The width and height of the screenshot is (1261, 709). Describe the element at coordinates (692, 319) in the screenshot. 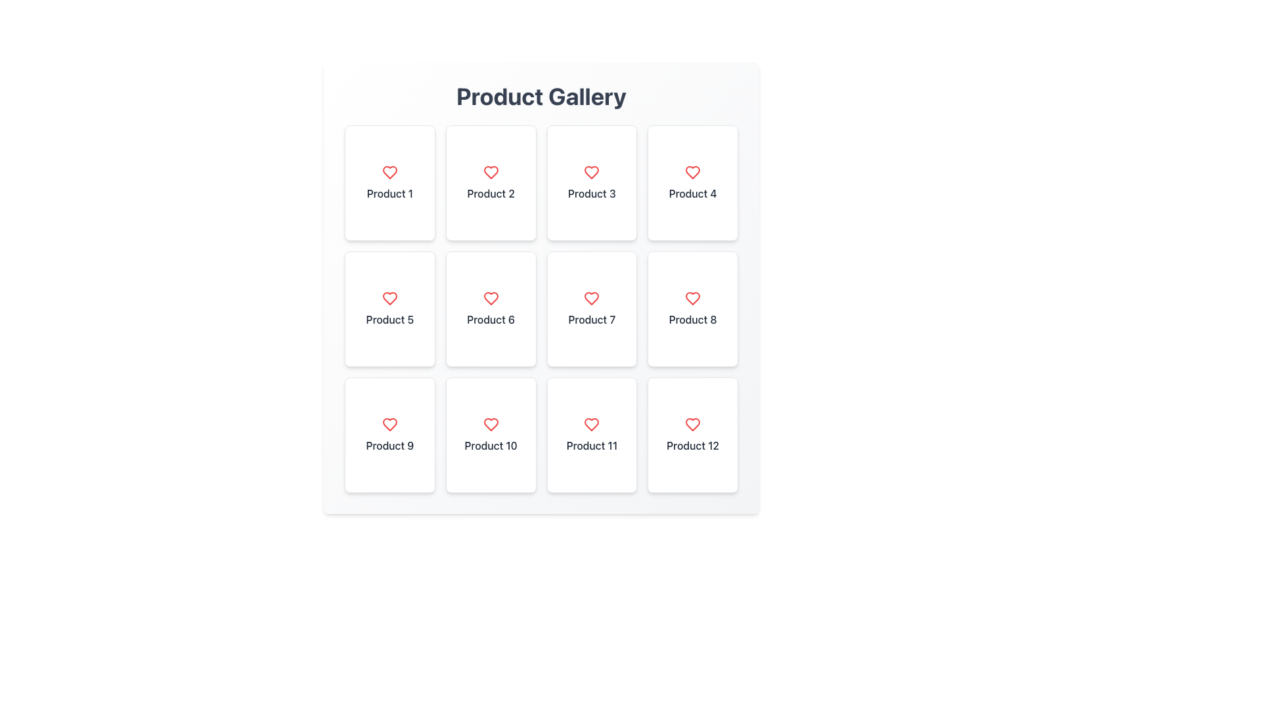

I see `the 'Product 8' text label element, which is styled in gray, located in the third row and second column of the product grid, below the heart icon` at that location.